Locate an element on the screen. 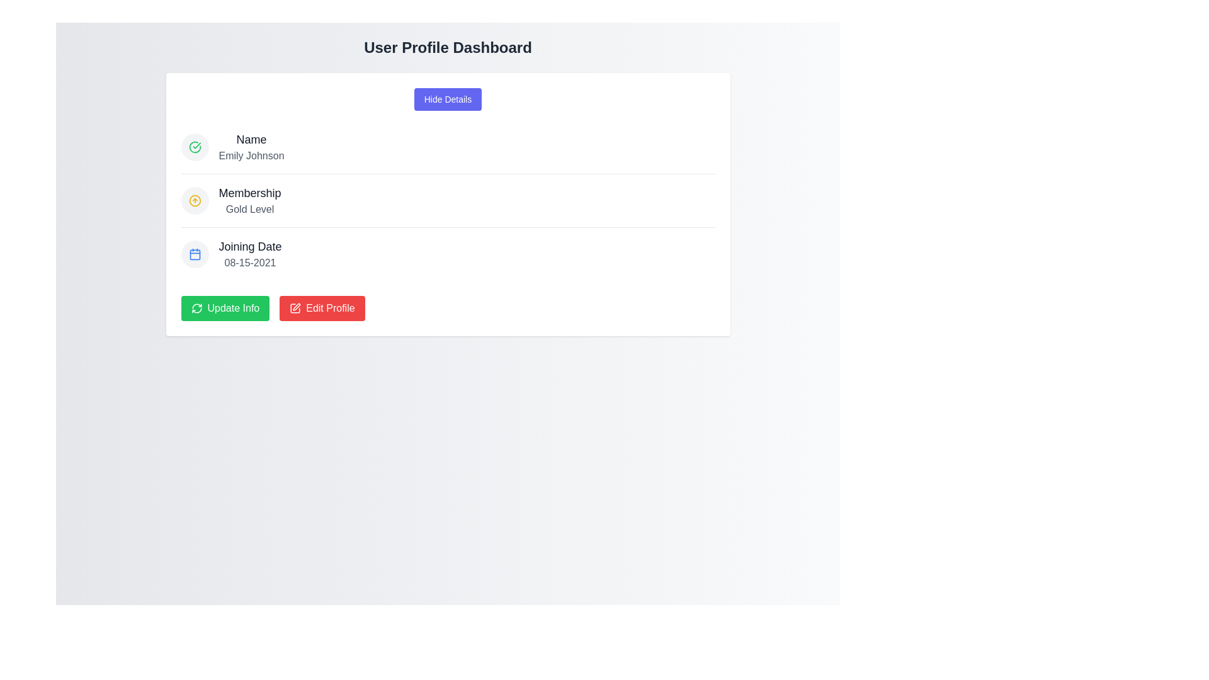 This screenshot has height=680, width=1209. the decorative icon that symbolizes the 'Edit Profile' action, located to the left of the 'Edit Profile' text in the button is located at coordinates (295, 308).